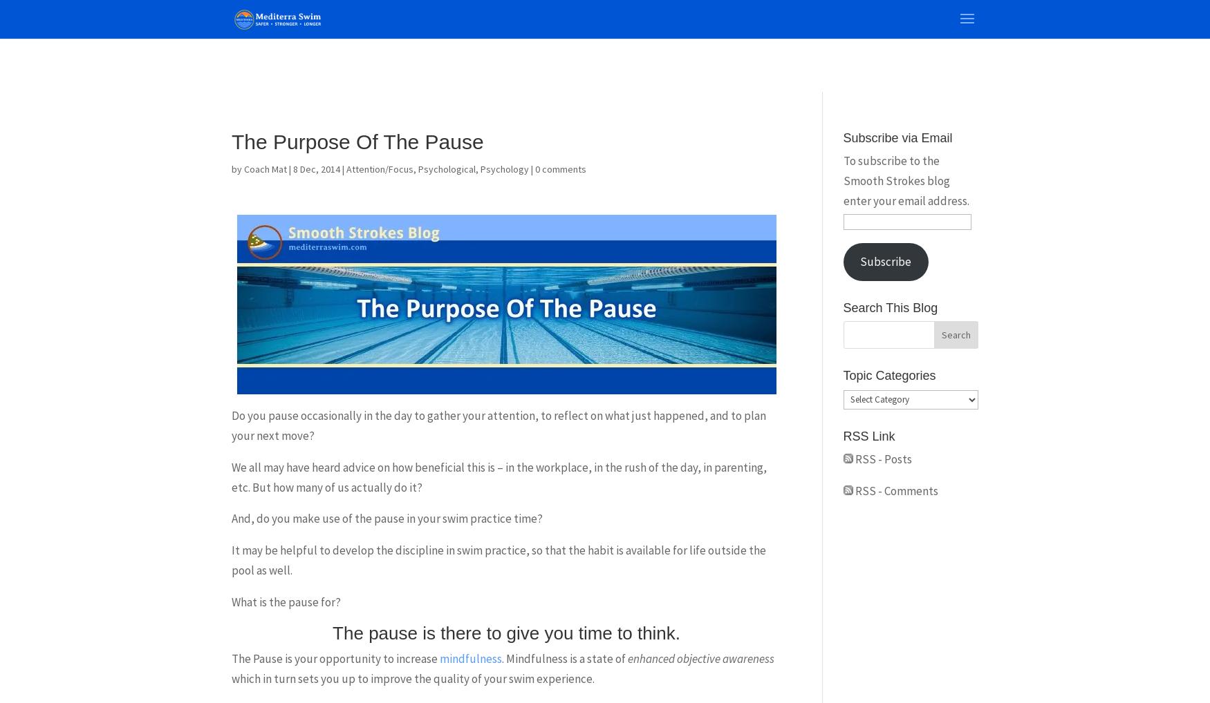  Describe the element at coordinates (446, 168) in the screenshot. I see `'Psychological'` at that location.